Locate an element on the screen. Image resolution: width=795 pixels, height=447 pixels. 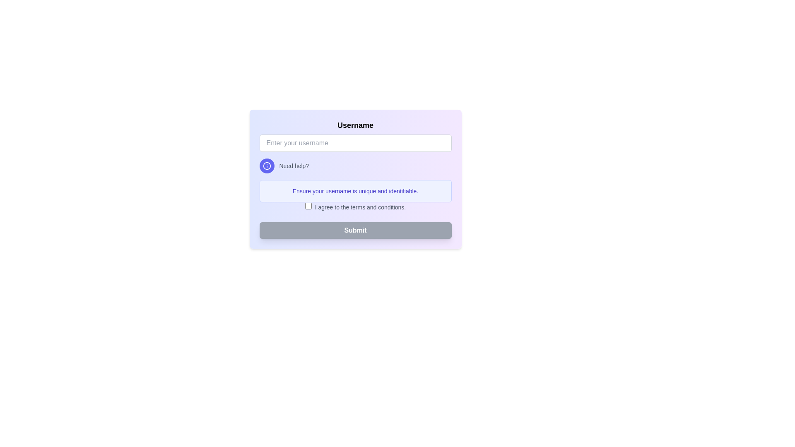
the circular outline component of the help icon located to the left of the 'Need help?' text is located at coordinates (267, 166).